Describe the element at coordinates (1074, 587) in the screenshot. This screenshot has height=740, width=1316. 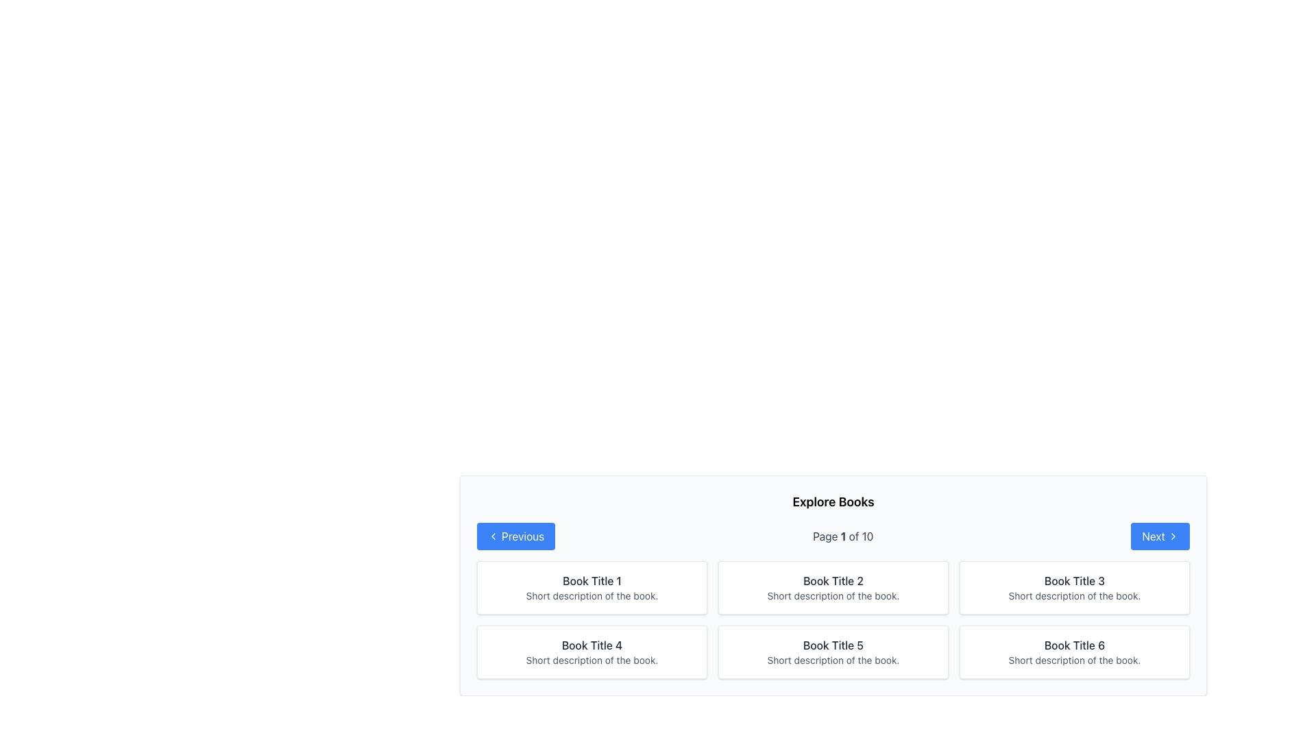
I see `the third Informational Card in the grid layout of books` at that location.